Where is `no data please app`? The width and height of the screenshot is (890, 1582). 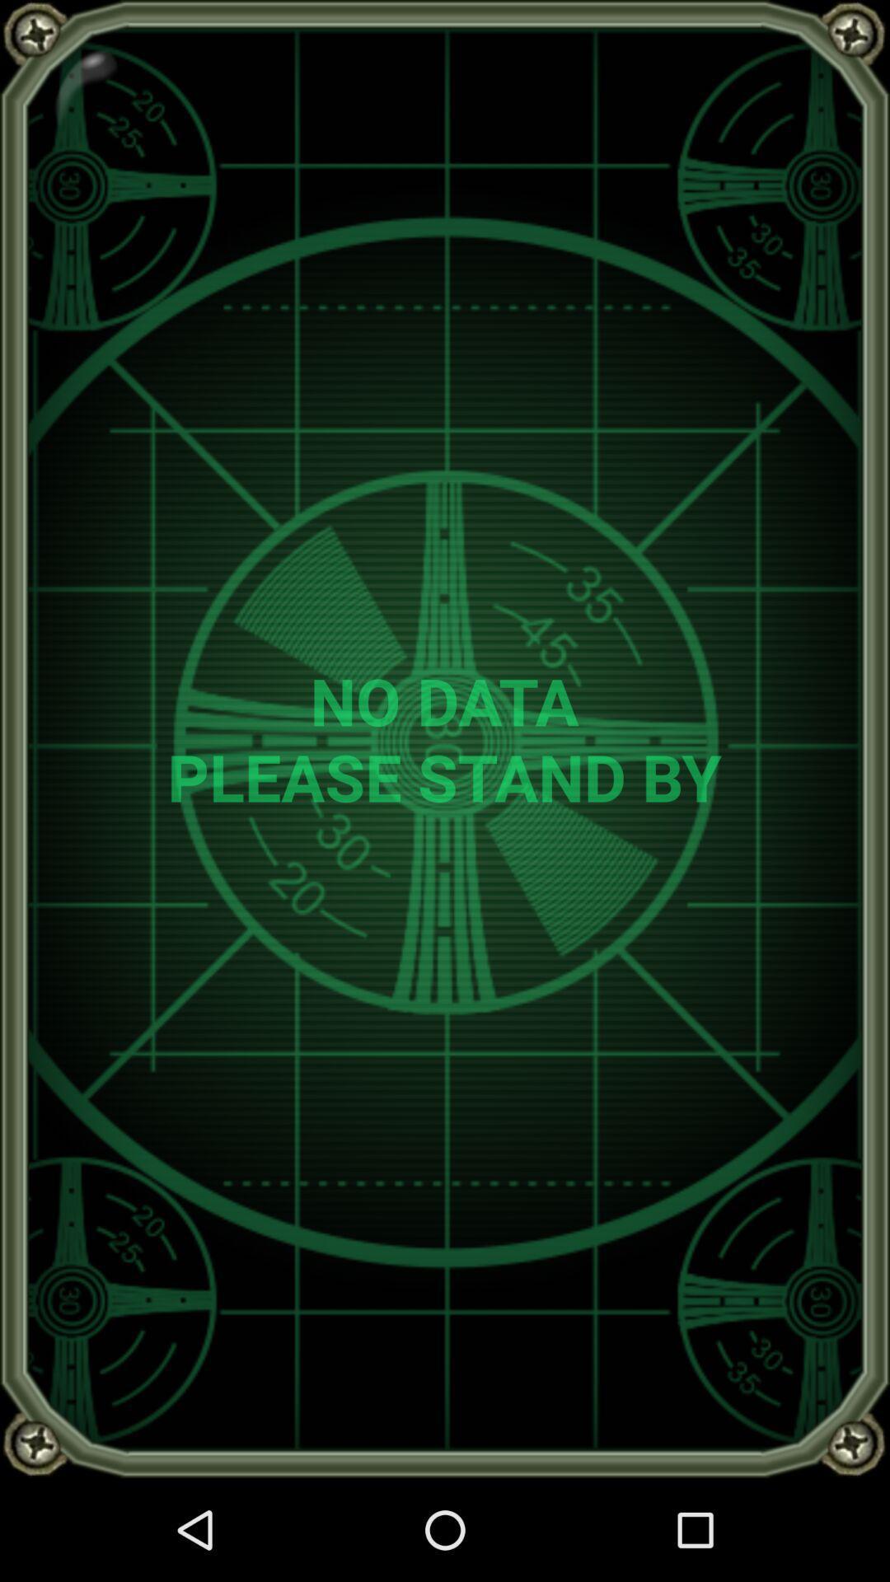 no data please app is located at coordinates (443, 737).